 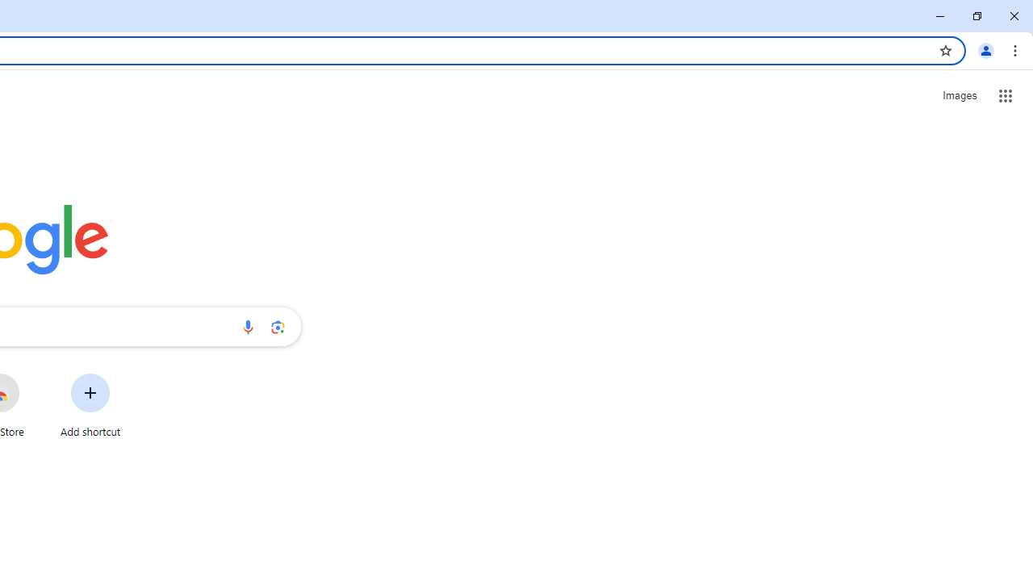 What do you see at coordinates (31, 374) in the screenshot?
I see `'More actions for Web Store shortcut'` at bounding box center [31, 374].